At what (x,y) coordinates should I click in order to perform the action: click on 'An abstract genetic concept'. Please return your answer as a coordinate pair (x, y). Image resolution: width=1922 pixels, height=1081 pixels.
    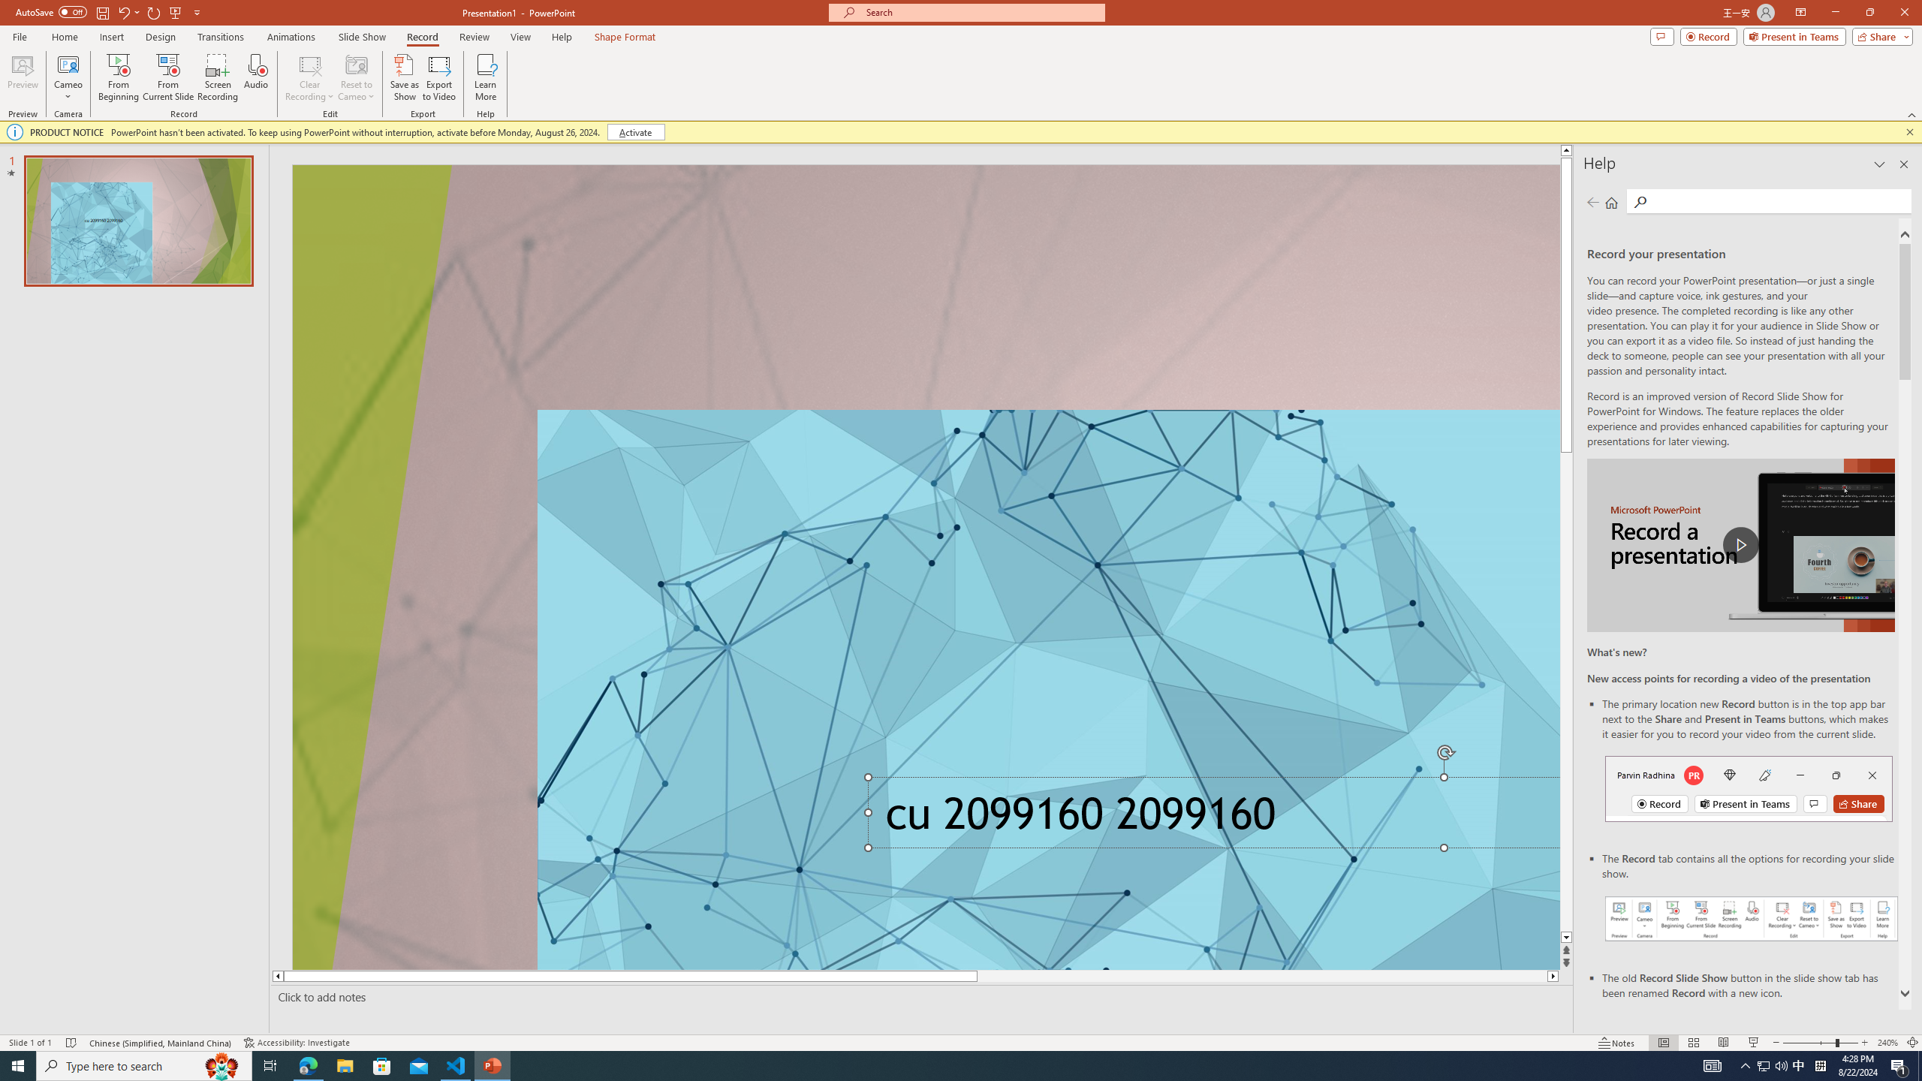
    Looking at the image, I should click on (925, 567).